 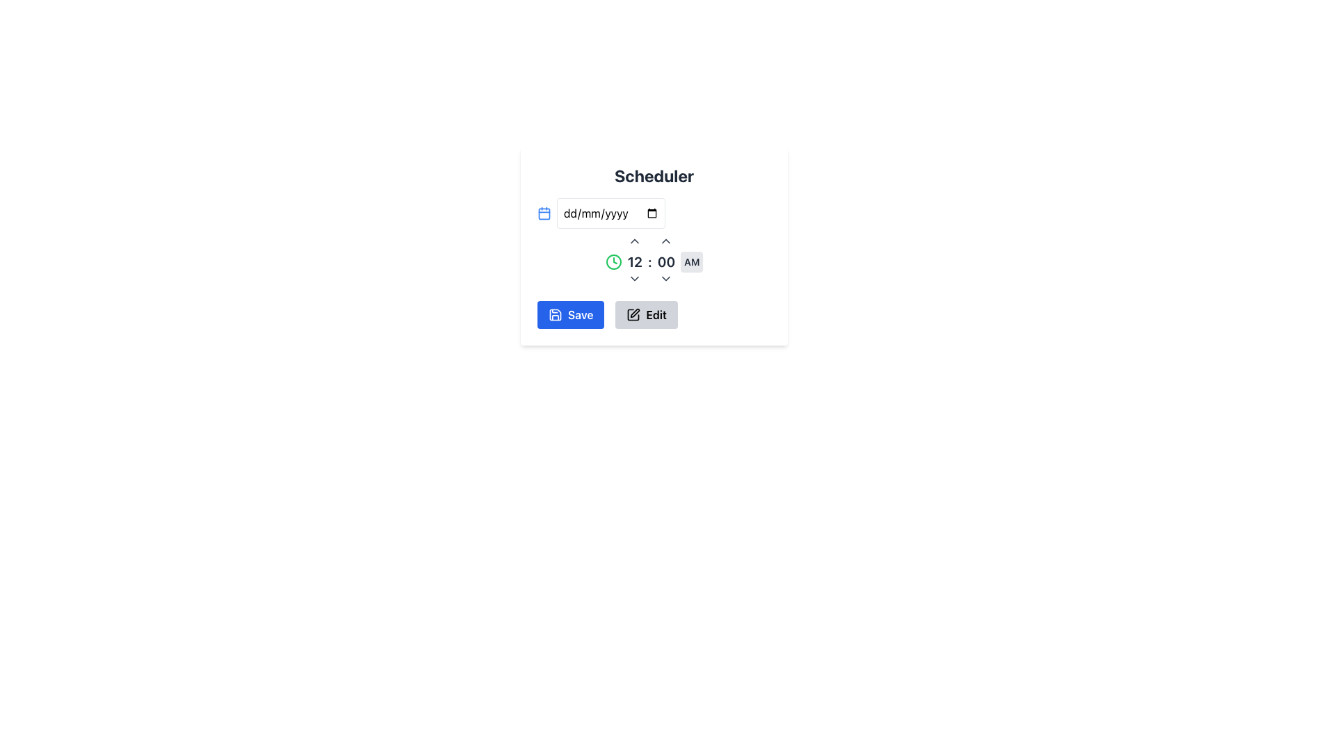 What do you see at coordinates (665, 262) in the screenshot?
I see `the text label displaying '00' which is the second numeric segment in a time input field to focus on it` at bounding box center [665, 262].